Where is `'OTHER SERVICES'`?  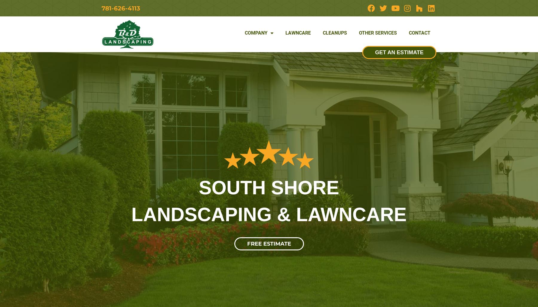
'OTHER SERVICES' is located at coordinates (378, 32).